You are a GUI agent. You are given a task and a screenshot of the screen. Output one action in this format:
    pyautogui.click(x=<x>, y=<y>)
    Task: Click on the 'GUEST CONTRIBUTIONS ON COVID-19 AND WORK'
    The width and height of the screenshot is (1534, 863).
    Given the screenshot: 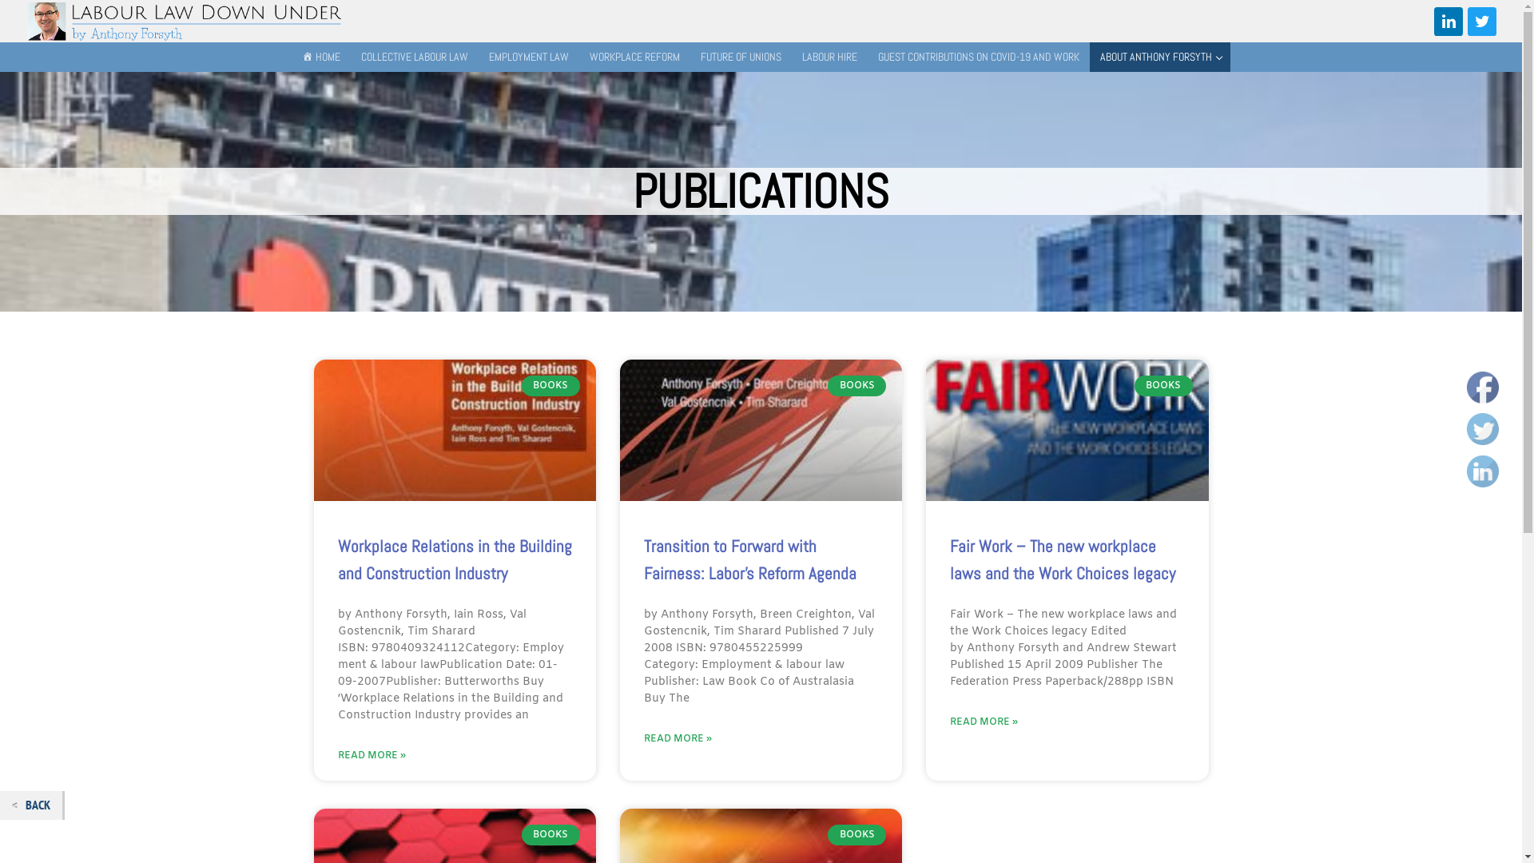 What is the action you would take?
    pyautogui.click(x=977, y=57)
    